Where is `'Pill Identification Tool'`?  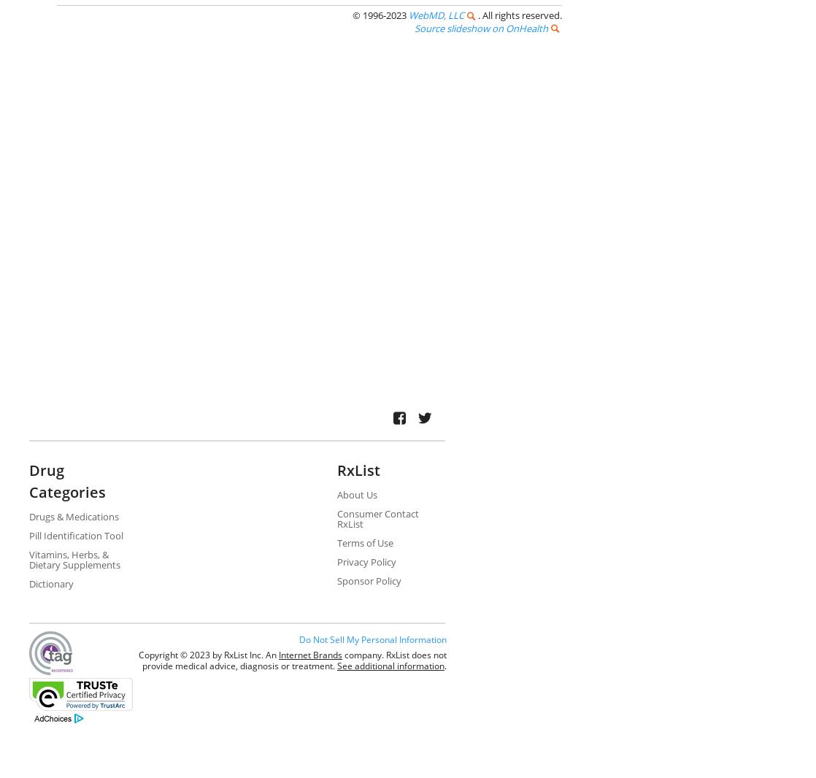 'Pill Identification Tool' is located at coordinates (29, 535).